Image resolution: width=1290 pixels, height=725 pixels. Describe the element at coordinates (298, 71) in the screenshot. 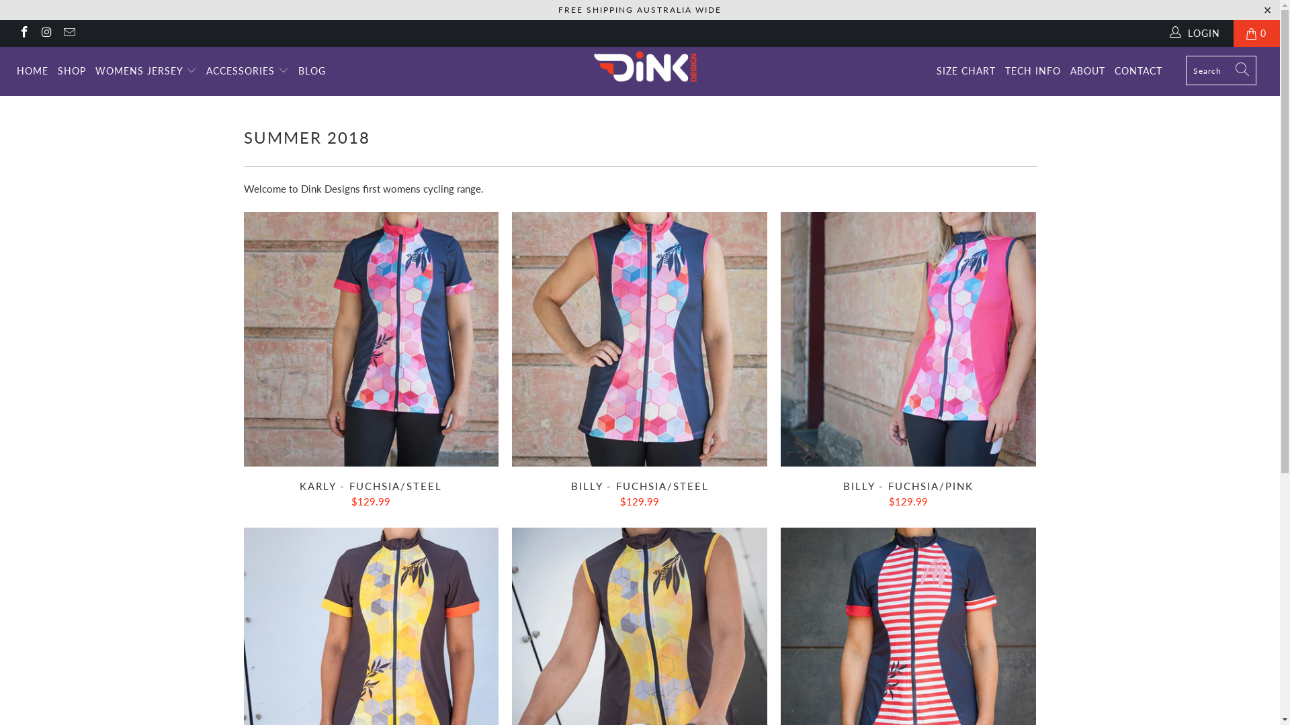

I see `'BLOG'` at that location.